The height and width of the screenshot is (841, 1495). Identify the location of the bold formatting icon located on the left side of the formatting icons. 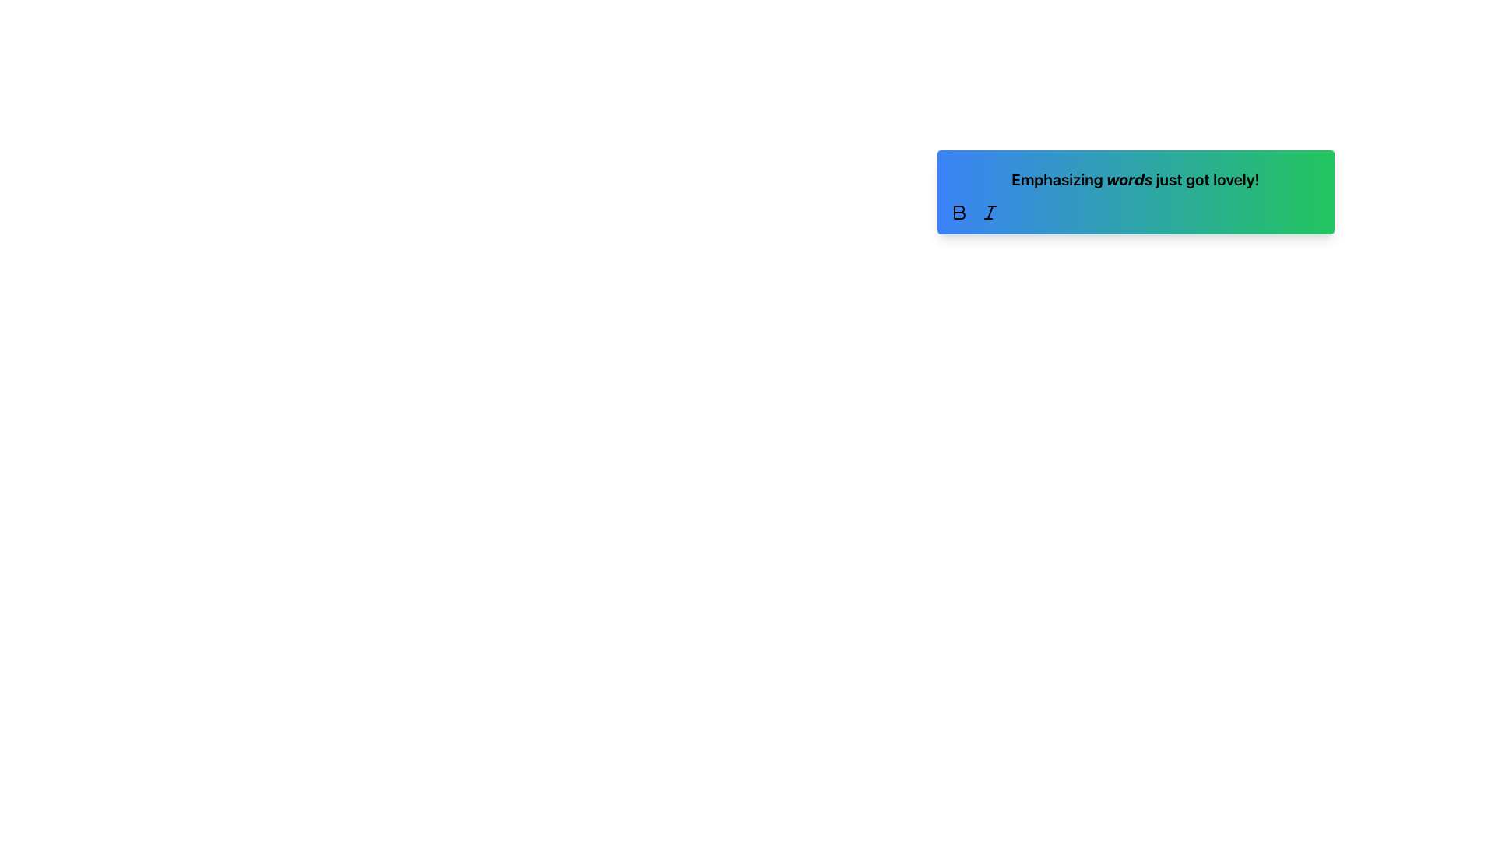
(958, 213).